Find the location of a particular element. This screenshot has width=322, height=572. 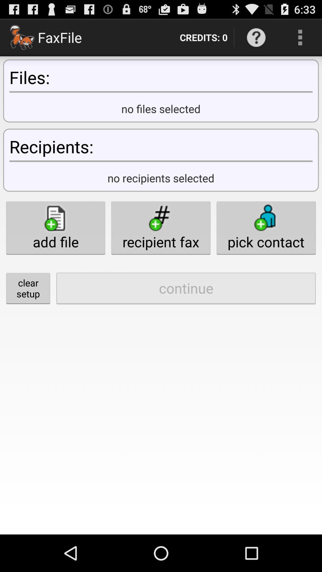

the pick contact icon is located at coordinates (266, 227).